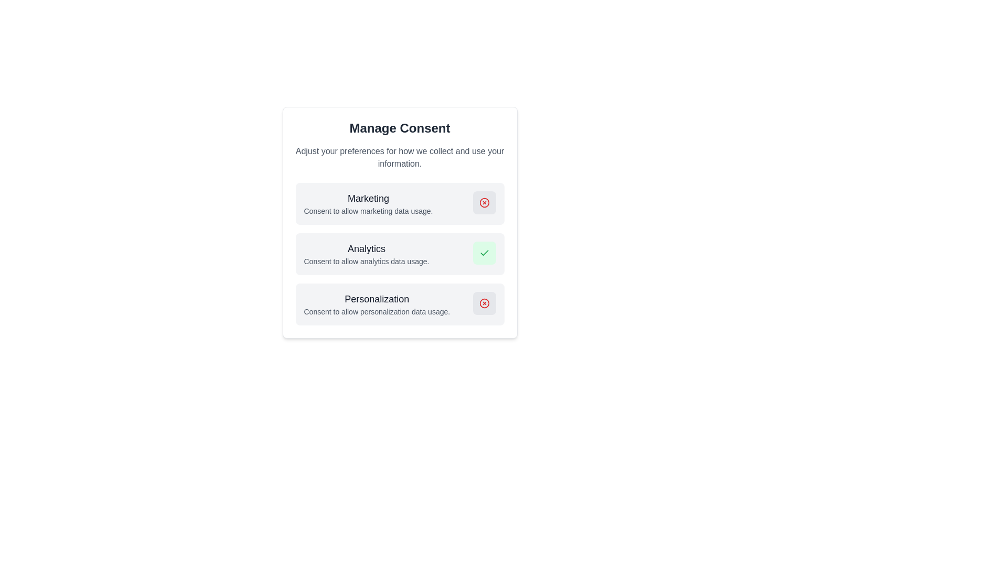 This screenshot has height=566, width=1007. Describe the element at coordinates (366, 248) in the screenshot. I see `the text label 'Analytics' which is styled with a larger font size, bold style, and dark gray color, located under the title 'Manage Consent' in the consent settings dialog` at that location.